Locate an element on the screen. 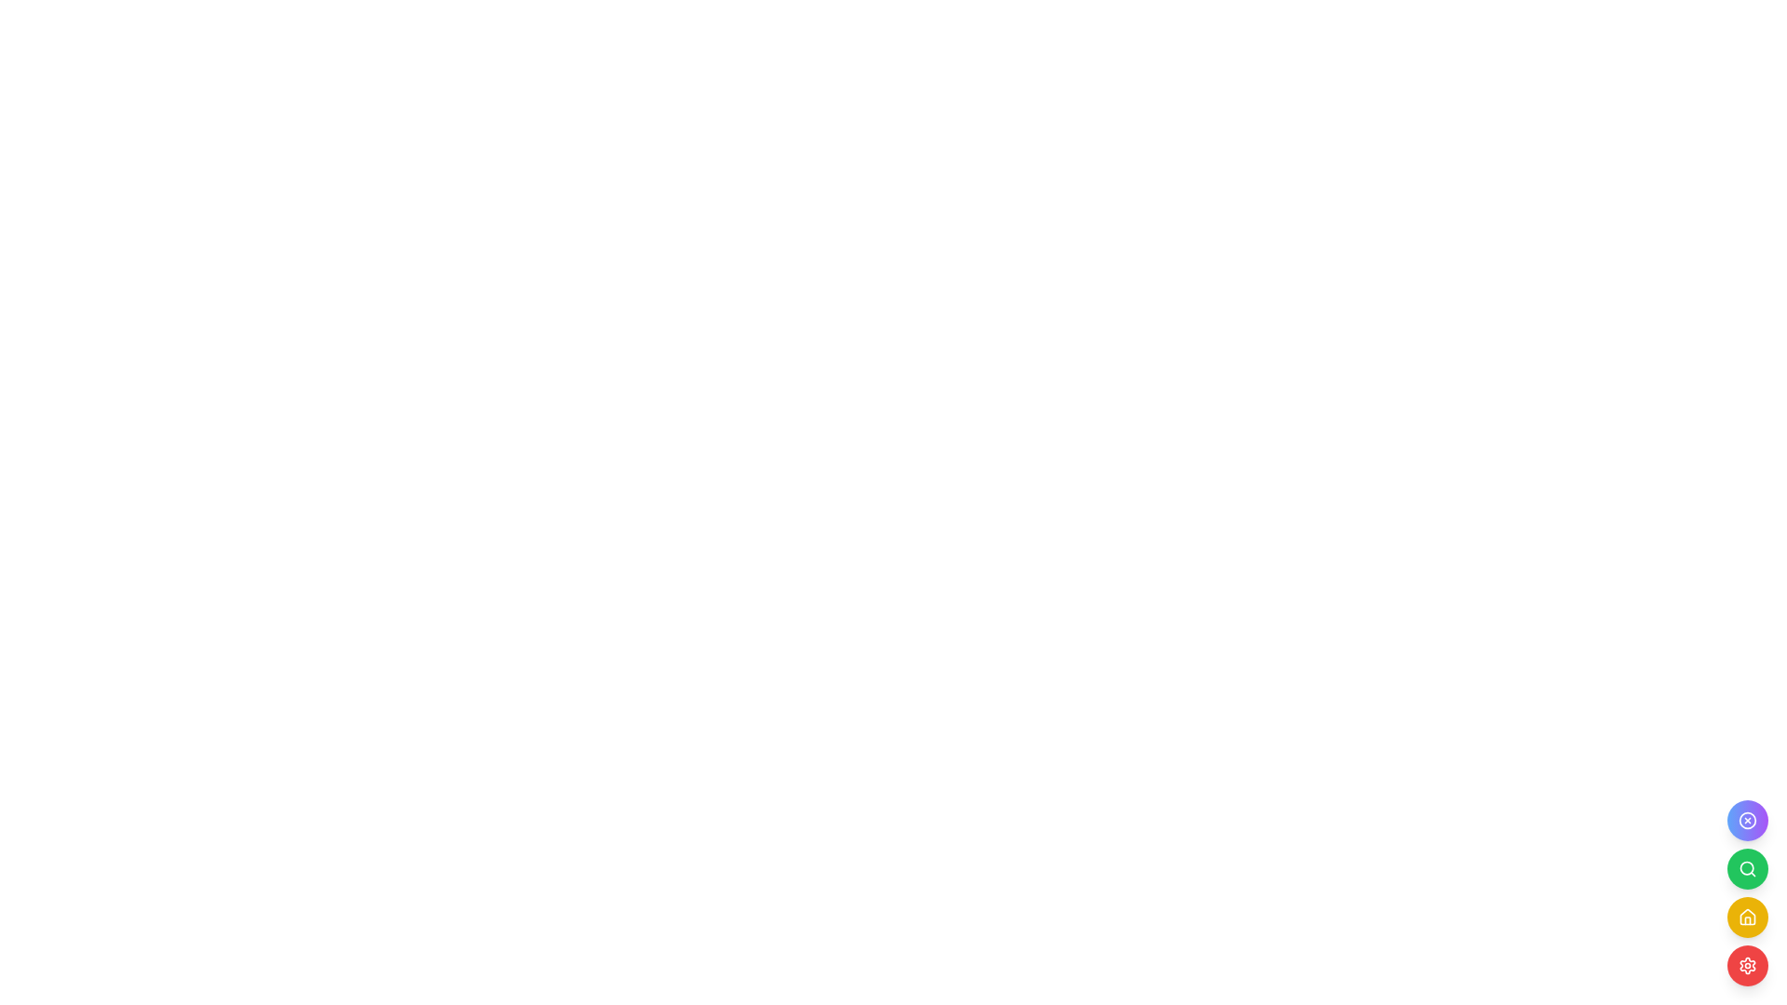  the settings gear icon button, which is located at the bottom-right corner of the interface within a circular red button is located at coordinates (1746, 964).